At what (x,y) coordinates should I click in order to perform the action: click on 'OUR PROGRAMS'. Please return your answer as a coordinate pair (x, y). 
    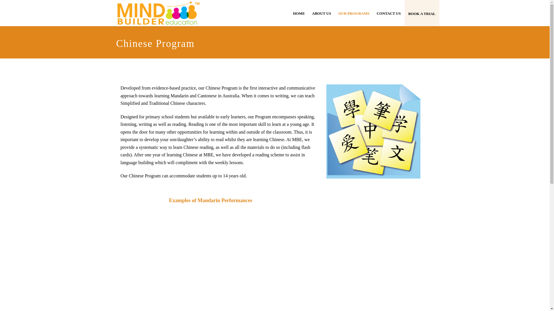
    Looking at the image, I should click on (353, 13).